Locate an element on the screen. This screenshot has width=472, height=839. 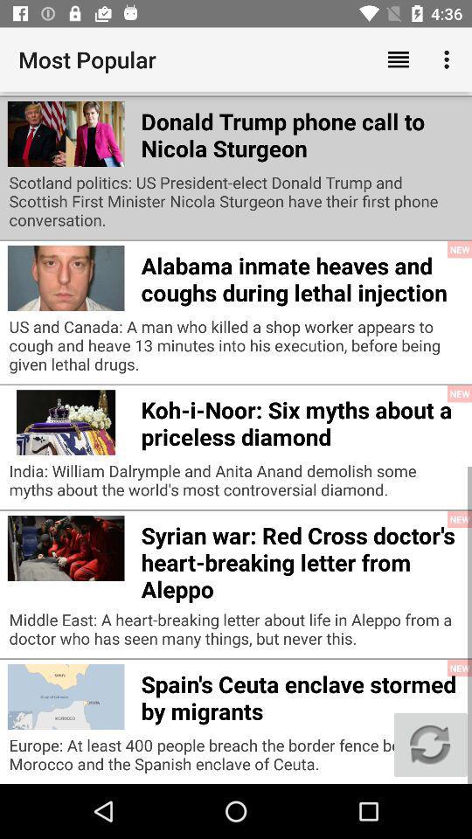
middle east a item is located at coordinates (236, 633).